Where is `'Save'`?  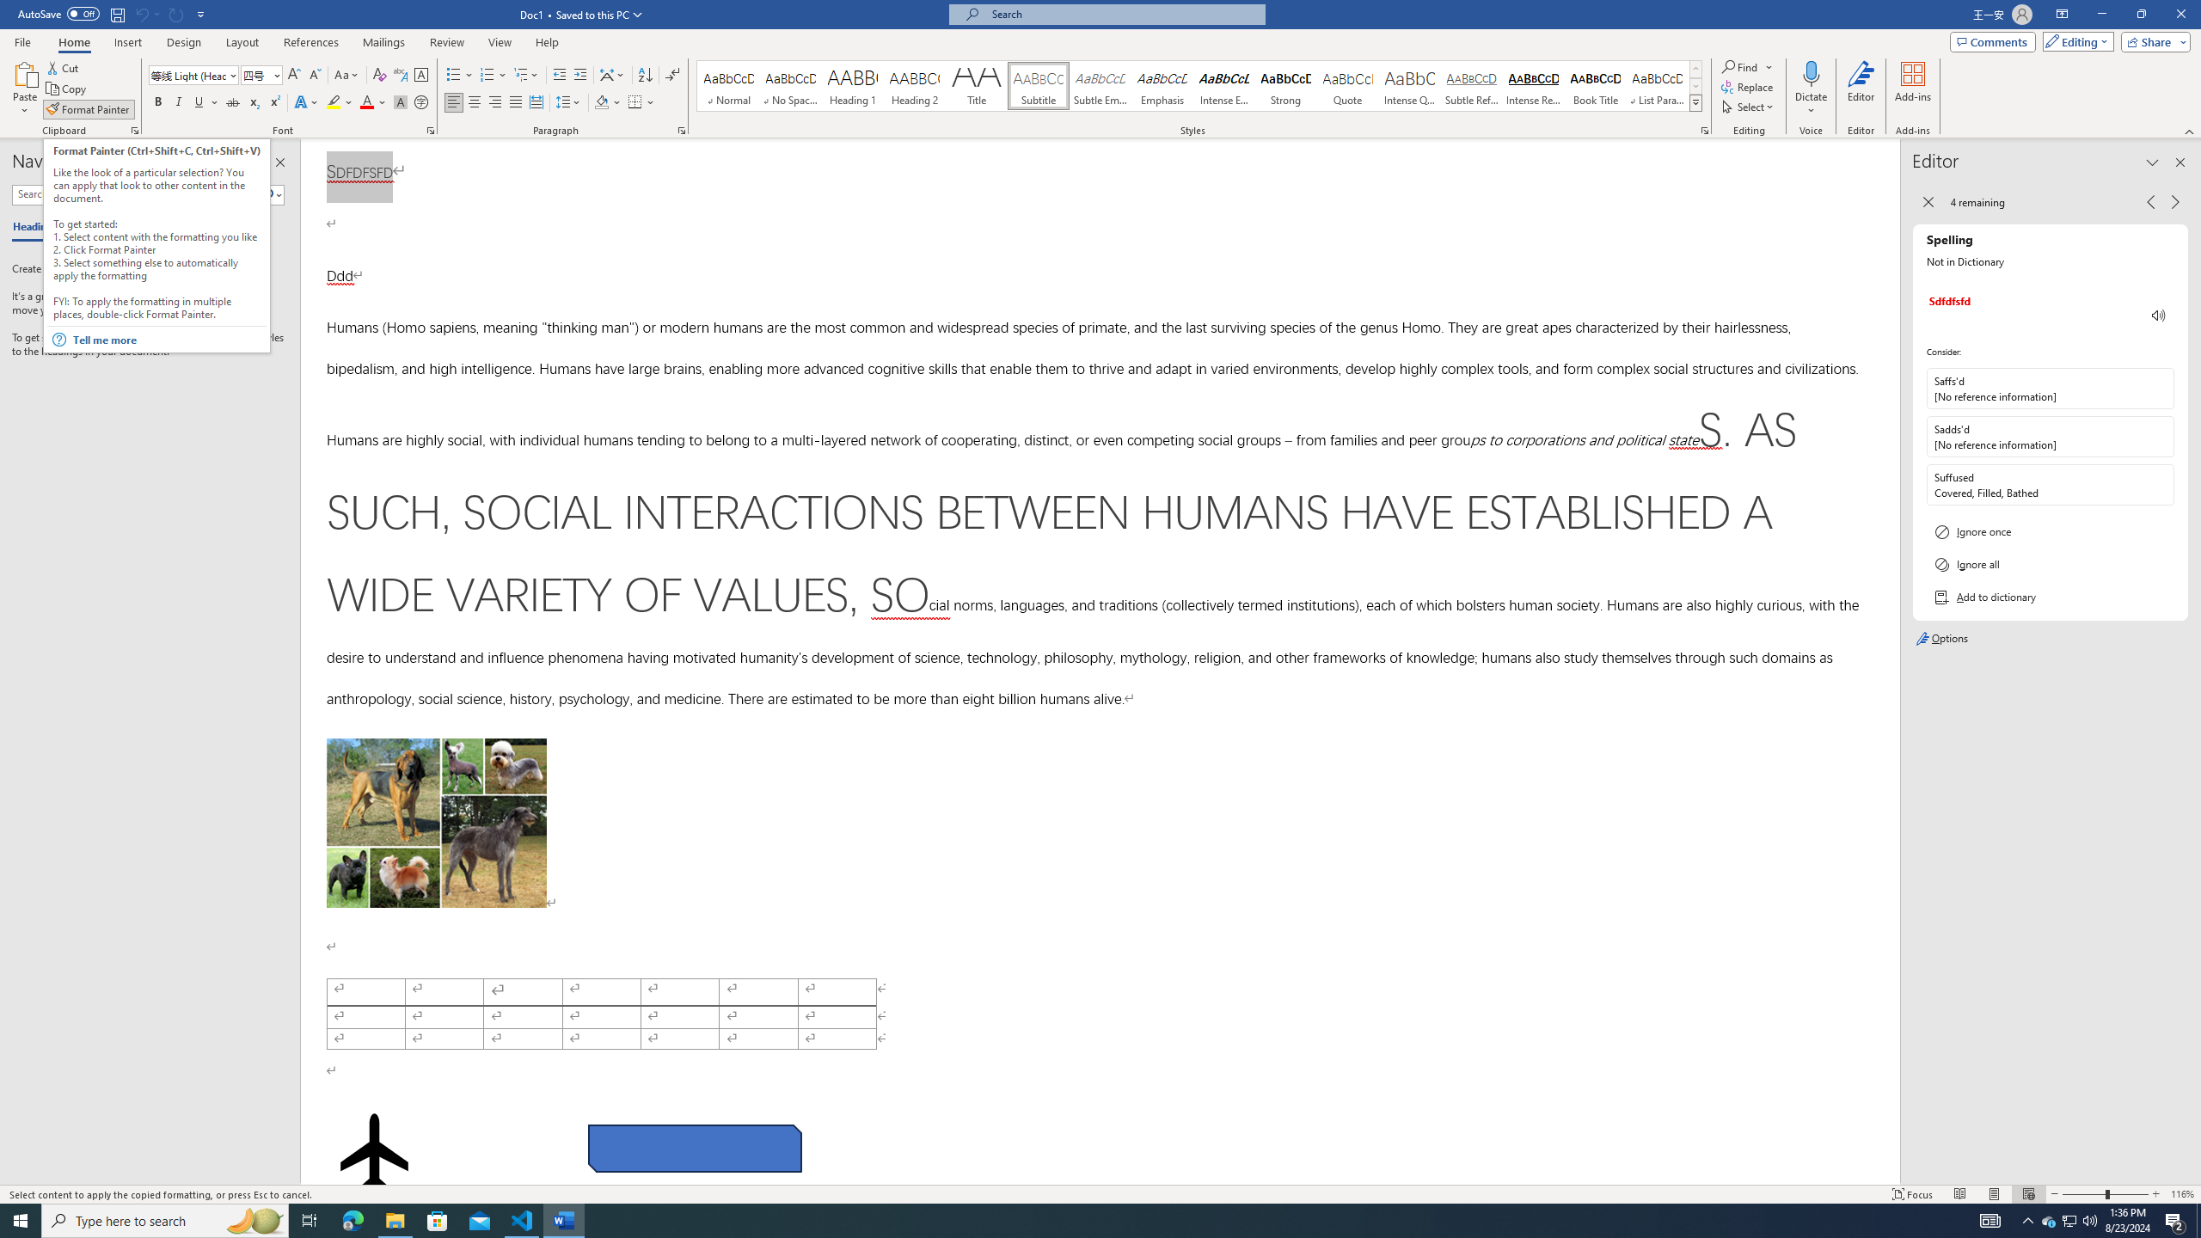 'Save' is located at coordinates (116, 13).